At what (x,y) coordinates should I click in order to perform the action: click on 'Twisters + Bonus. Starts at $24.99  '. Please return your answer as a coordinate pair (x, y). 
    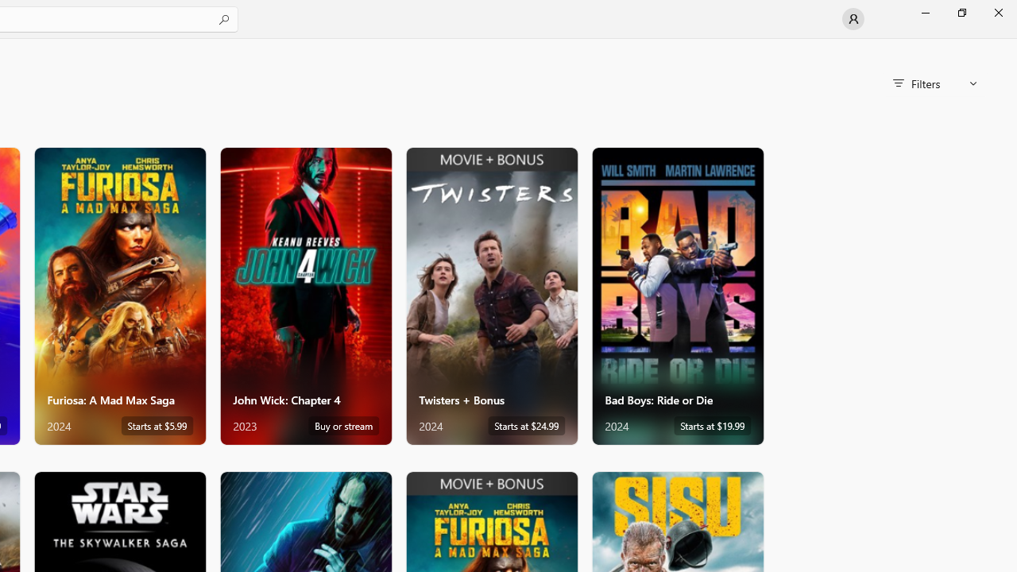
    Looking at the image, I should click on (490, 296).